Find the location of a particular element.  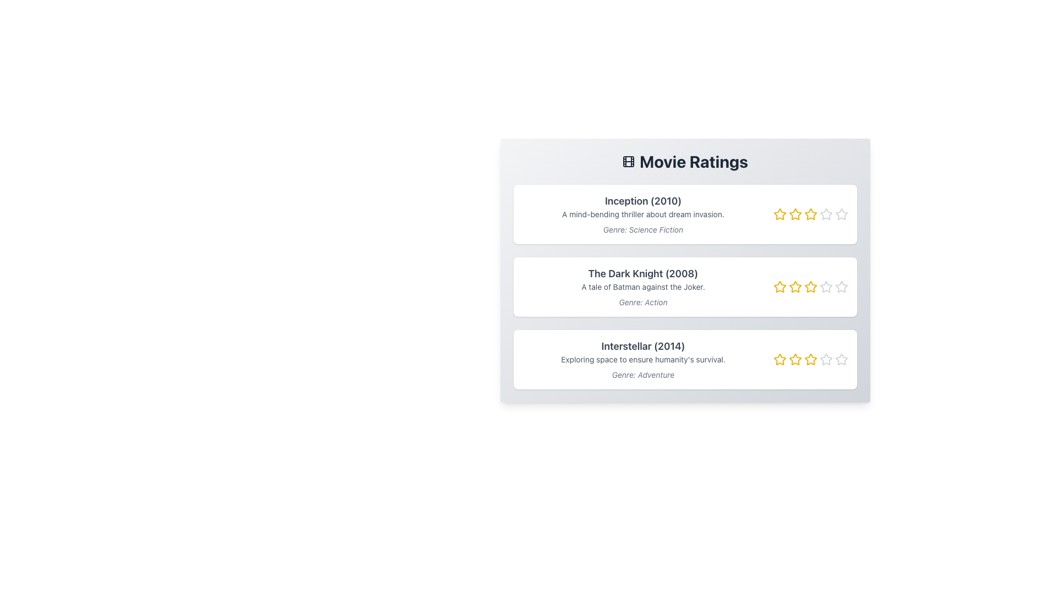

the first star icon in the rating row for the movie 'Inception (2010)' is located at coordinates (779, 214).